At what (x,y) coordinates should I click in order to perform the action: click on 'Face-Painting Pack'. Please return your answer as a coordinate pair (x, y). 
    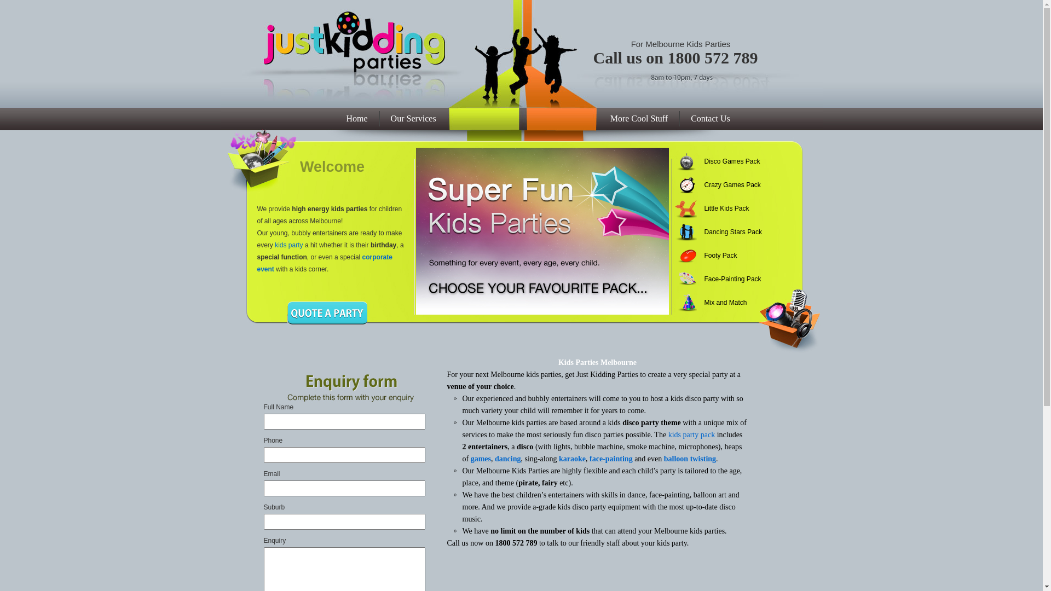
    Looking at the image, I should click on (727, 279).